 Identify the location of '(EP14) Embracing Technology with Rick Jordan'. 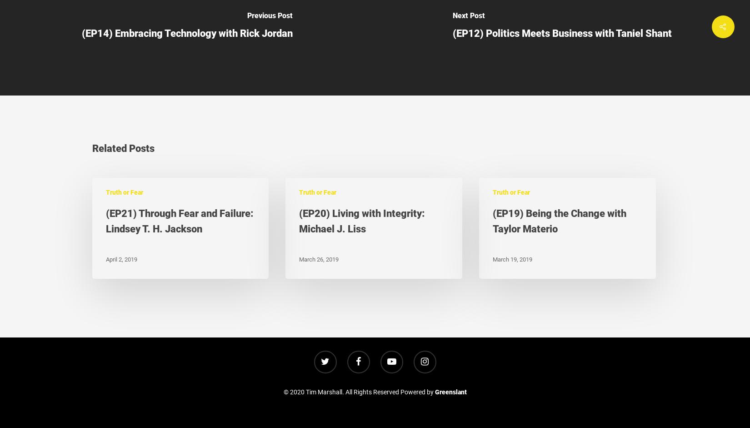
(187, 32).